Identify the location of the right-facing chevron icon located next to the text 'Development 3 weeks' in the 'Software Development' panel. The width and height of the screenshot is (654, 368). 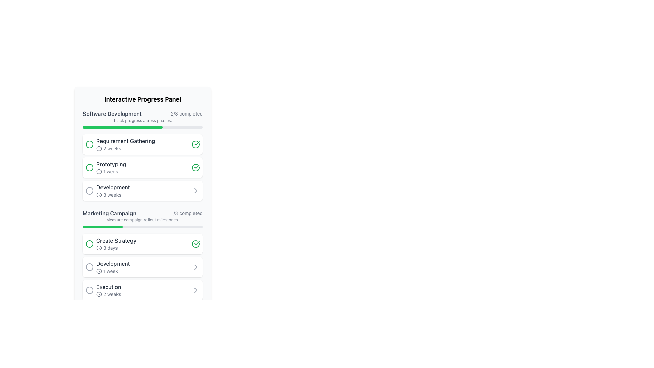
(196, 190).